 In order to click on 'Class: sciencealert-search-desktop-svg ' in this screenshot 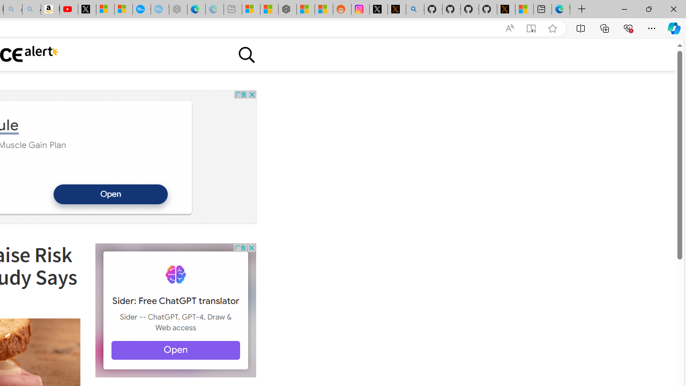, I will do `click(245, 55)`.